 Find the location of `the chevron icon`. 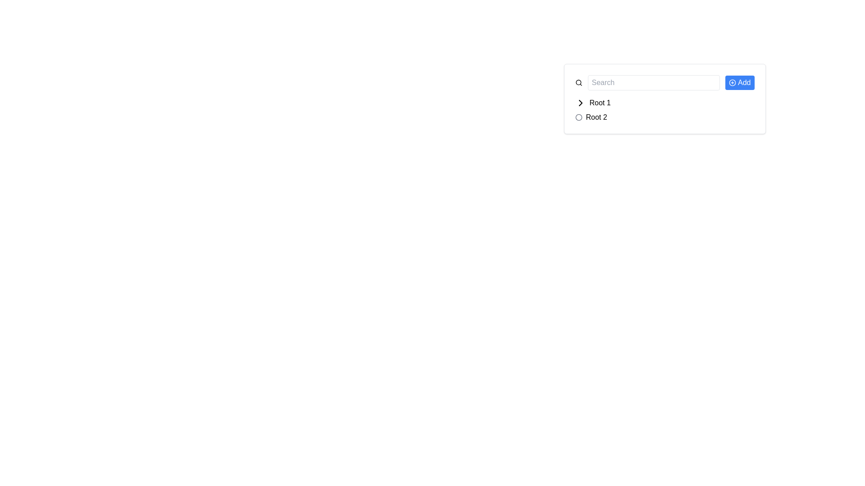

the chevron icon is located at coordinates (580, 102).